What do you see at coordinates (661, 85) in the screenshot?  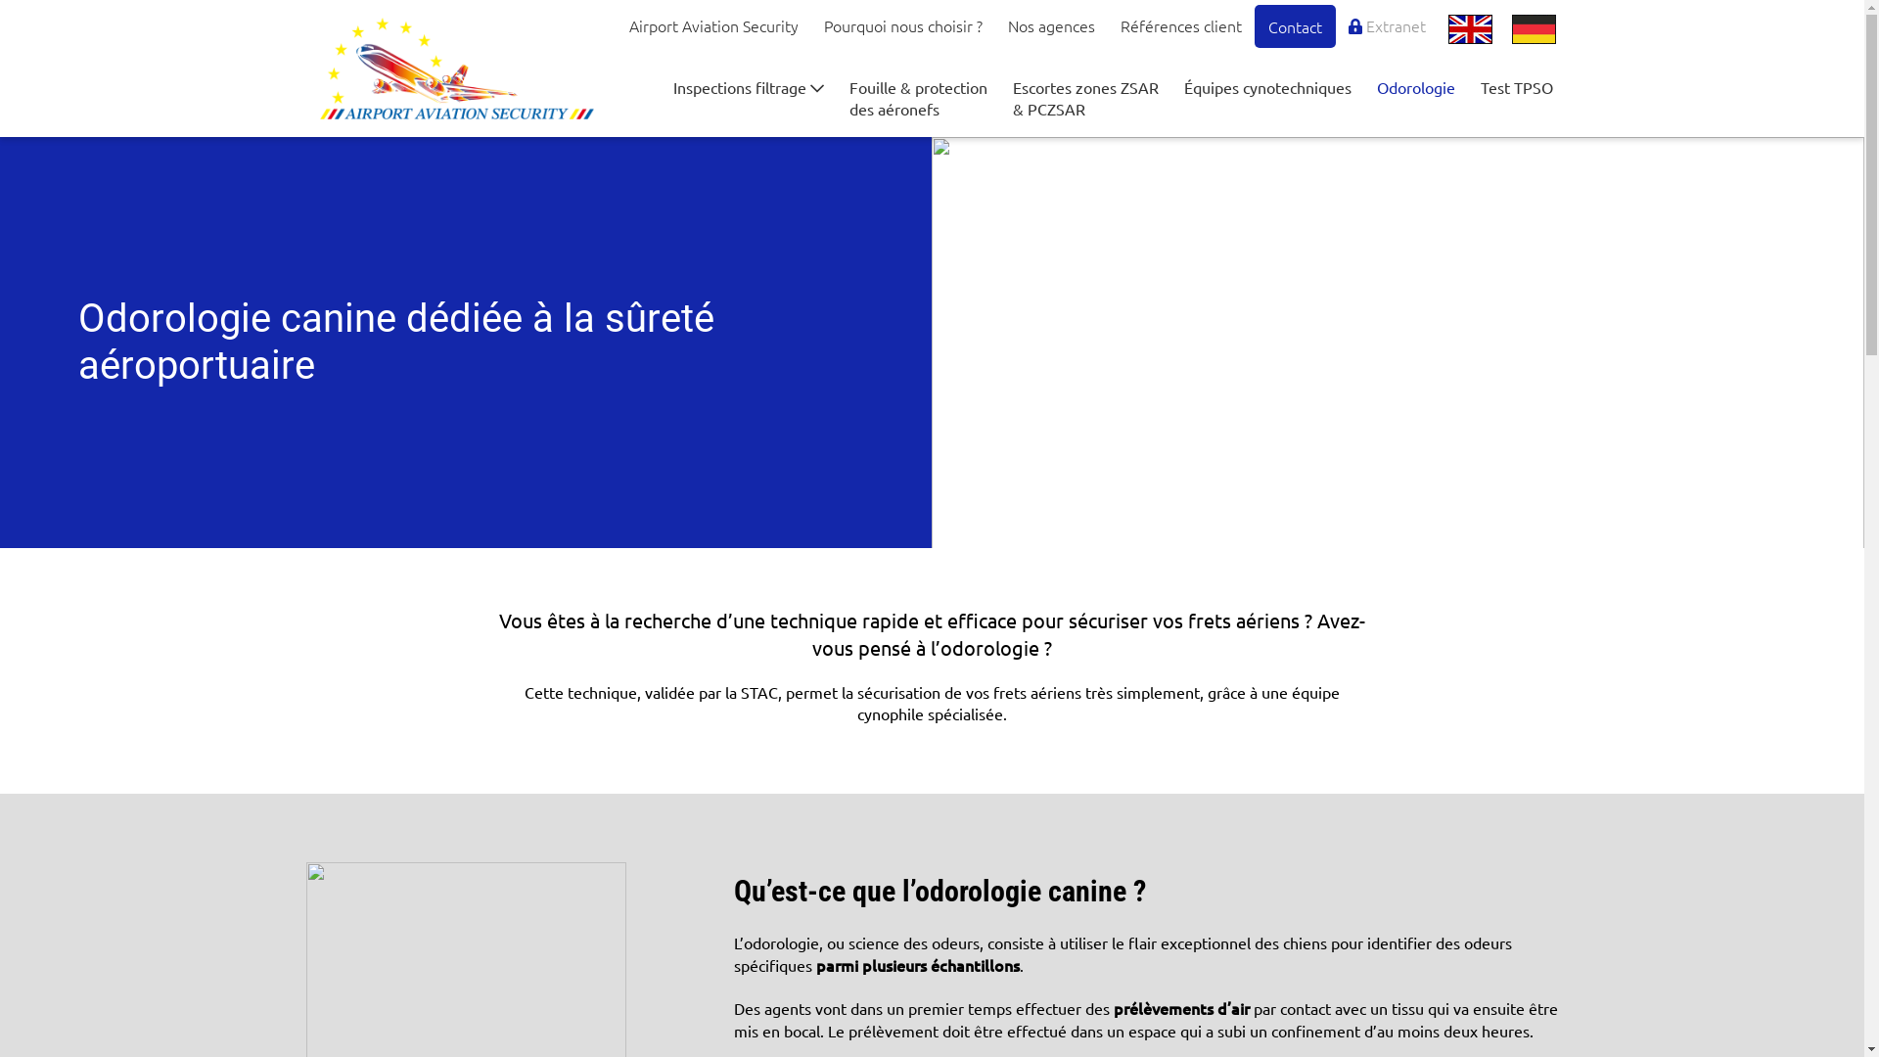 I see `'Inspections filtrage'` at bounding box center [661, 85].